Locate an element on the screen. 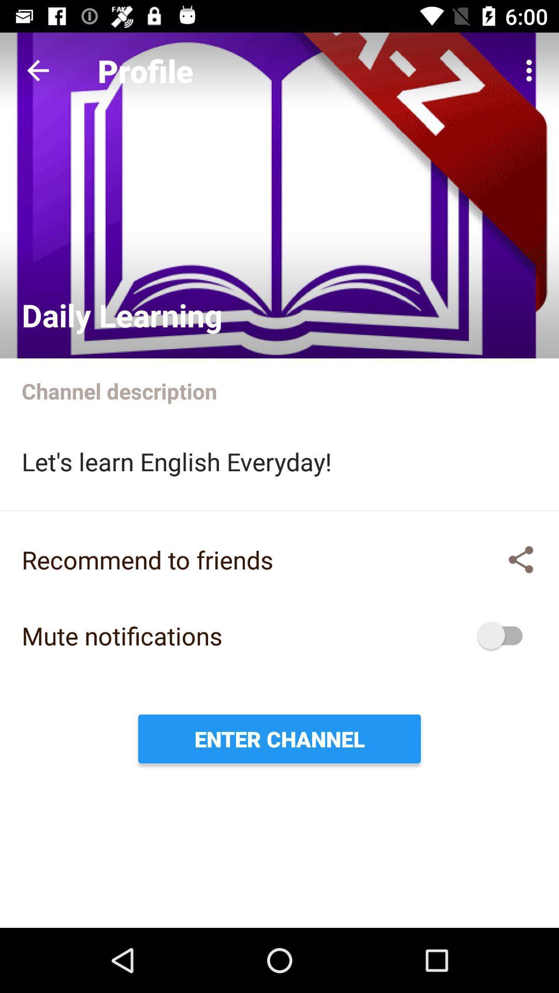 The image size is (559, 993). the icon above the channel description item is located at coordinates (532, 70).